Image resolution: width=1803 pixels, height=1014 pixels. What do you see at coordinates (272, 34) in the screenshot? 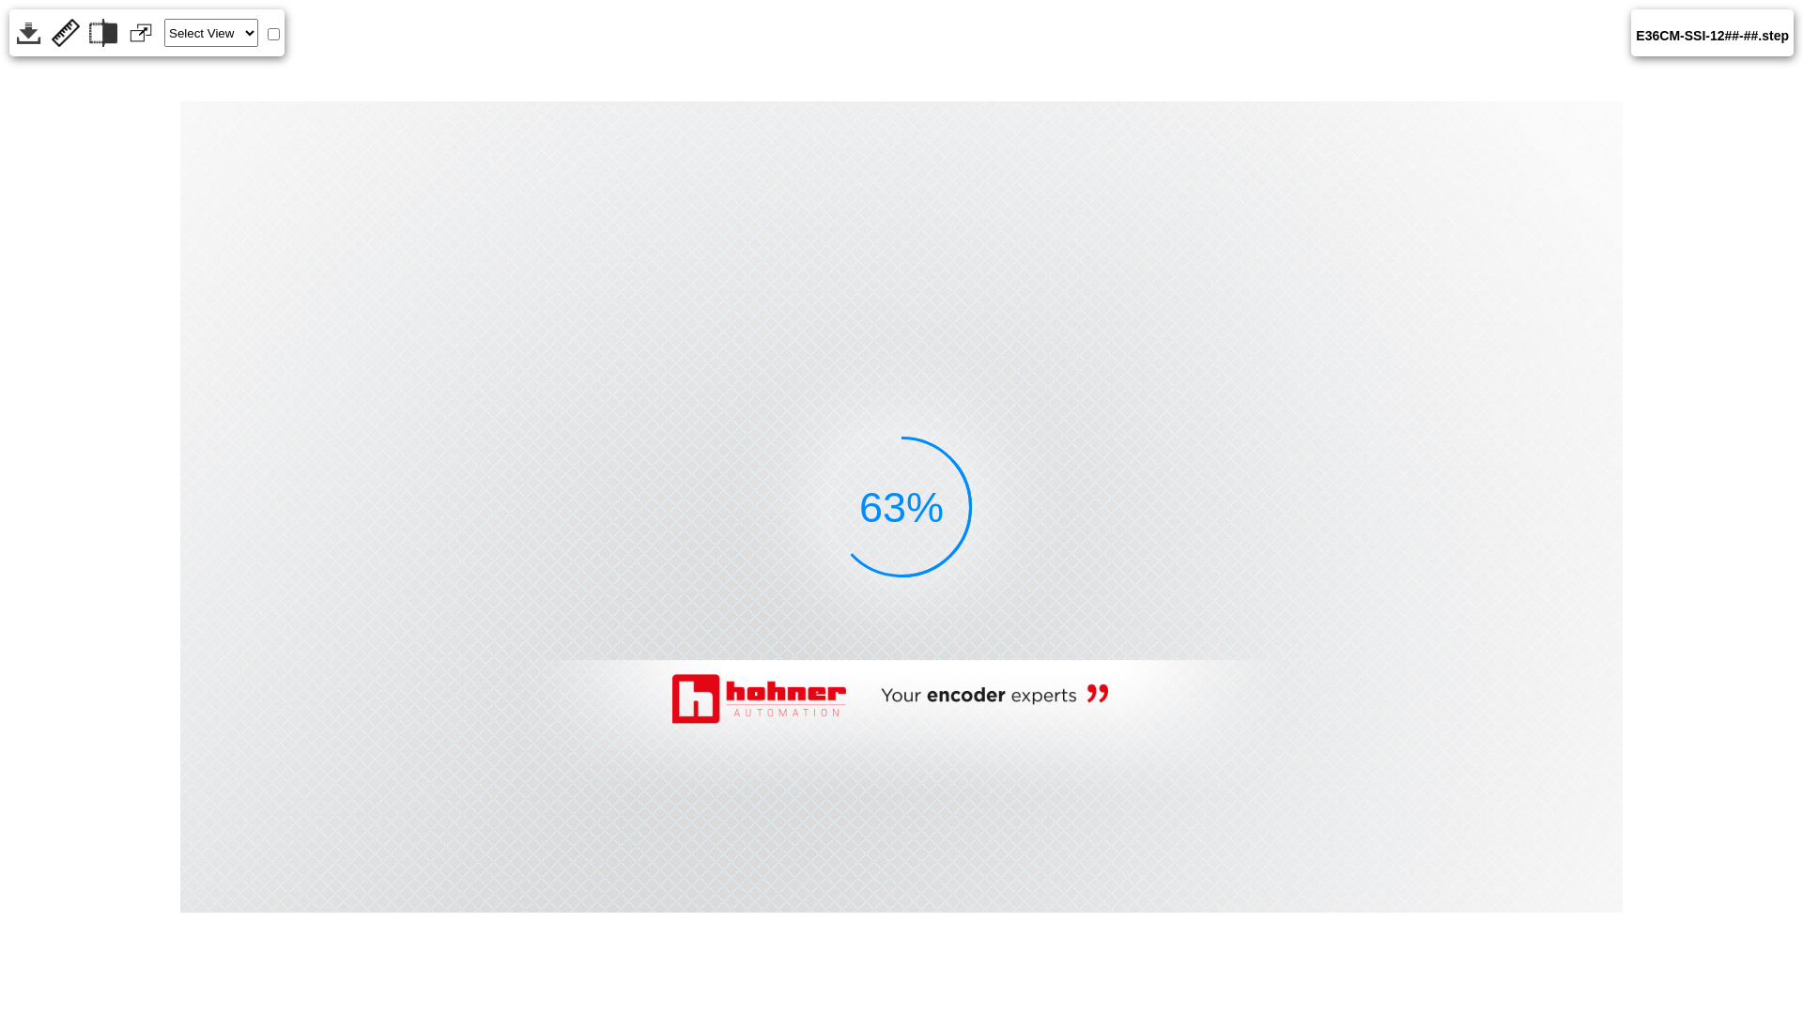
I see `'Show Reference System'` at bounding box center [272, 34].